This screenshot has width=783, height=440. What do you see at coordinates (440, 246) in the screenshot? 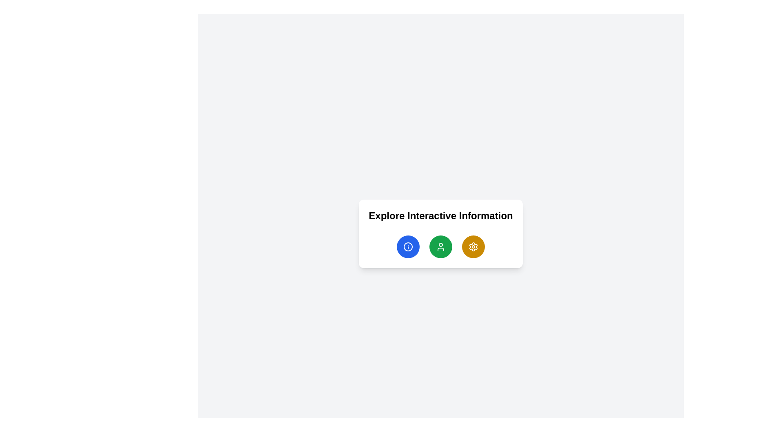
I see `the second circular icon button located below the text 'Explore Interactive Information'` at bounding box center [440, 246].